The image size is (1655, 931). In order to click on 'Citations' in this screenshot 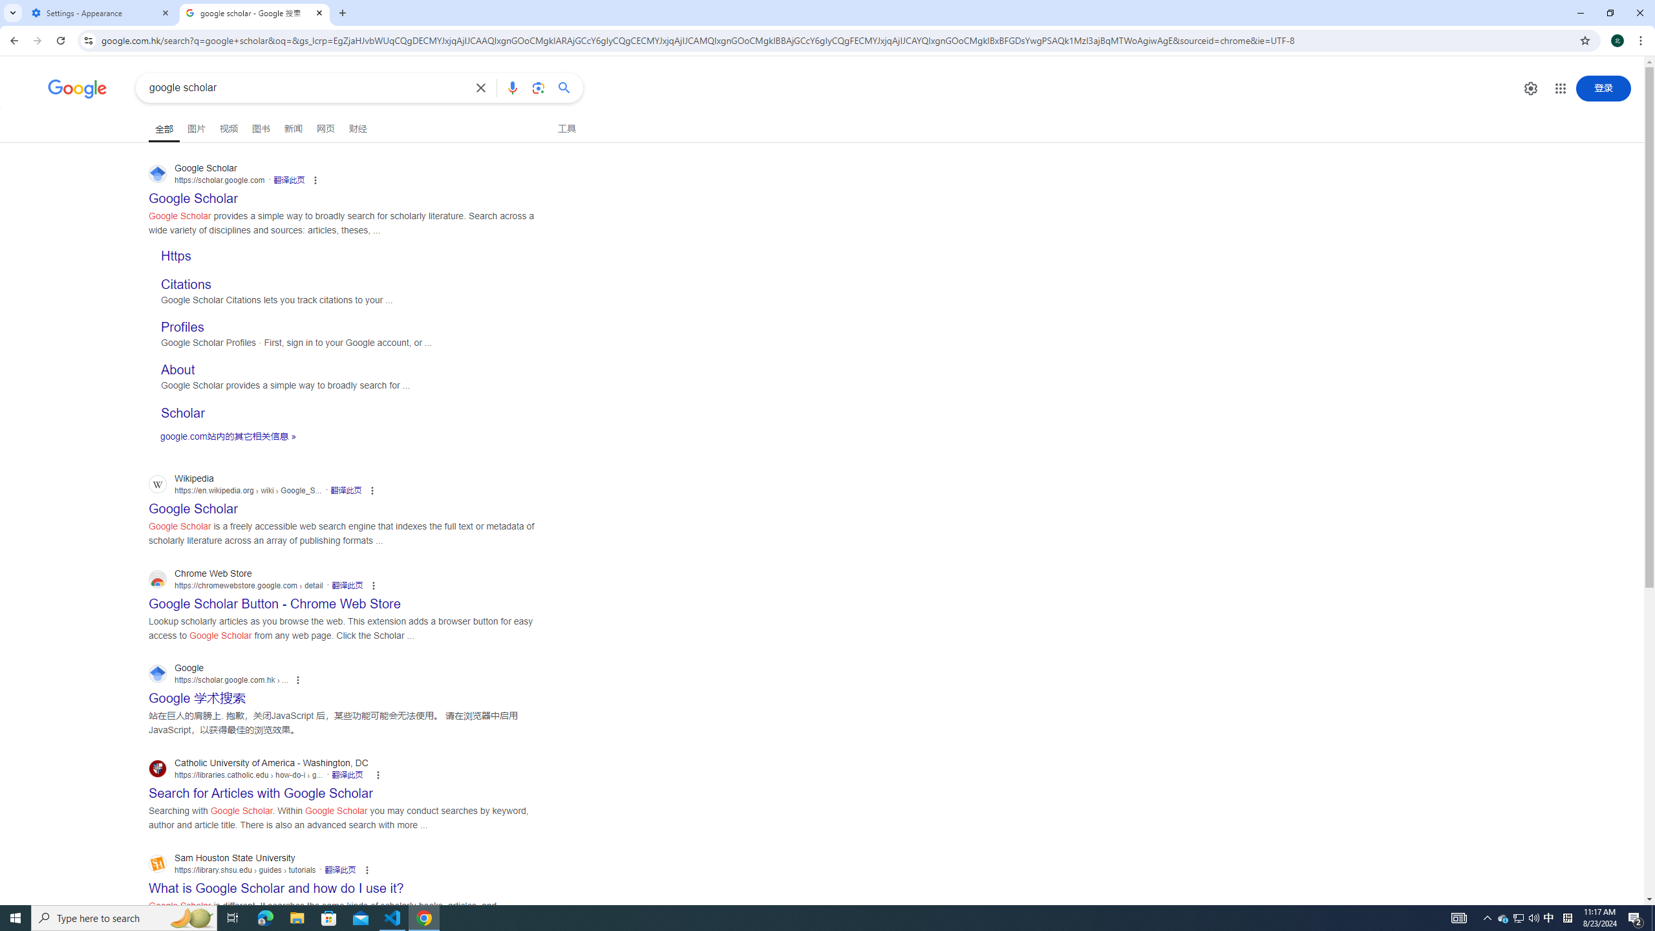, I will do `click(186, 283)`.